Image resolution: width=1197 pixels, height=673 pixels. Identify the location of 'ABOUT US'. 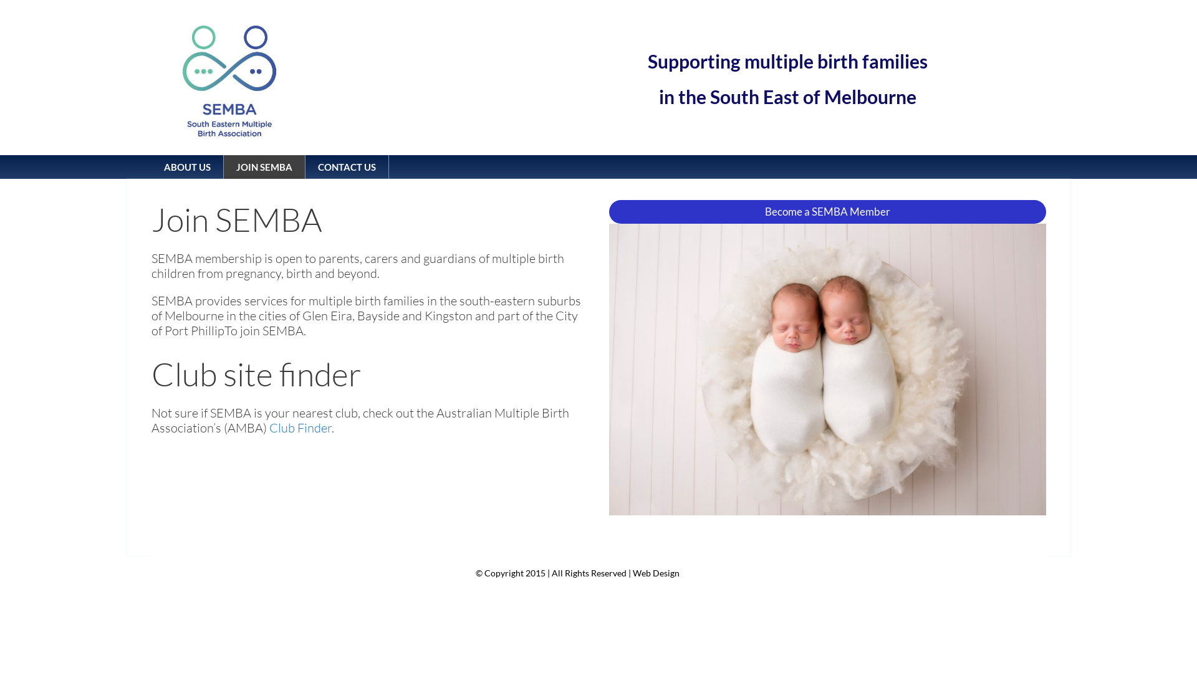
(186, 166).